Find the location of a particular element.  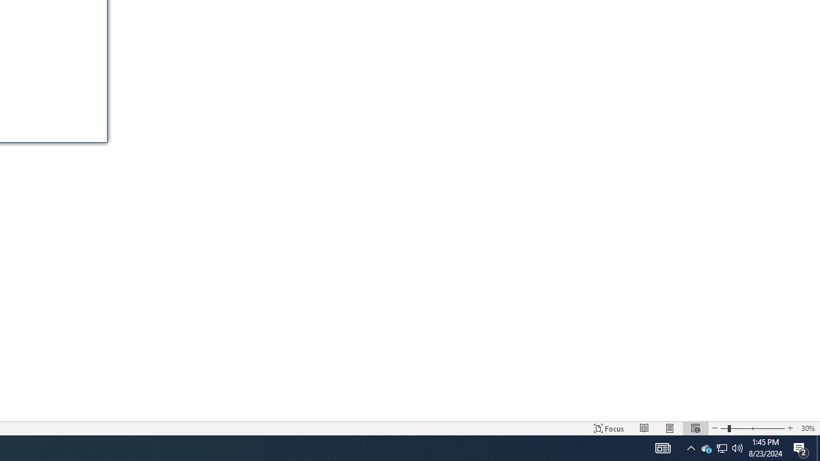

'User Promoted Notification Area' is located at coordinates (722, 447).